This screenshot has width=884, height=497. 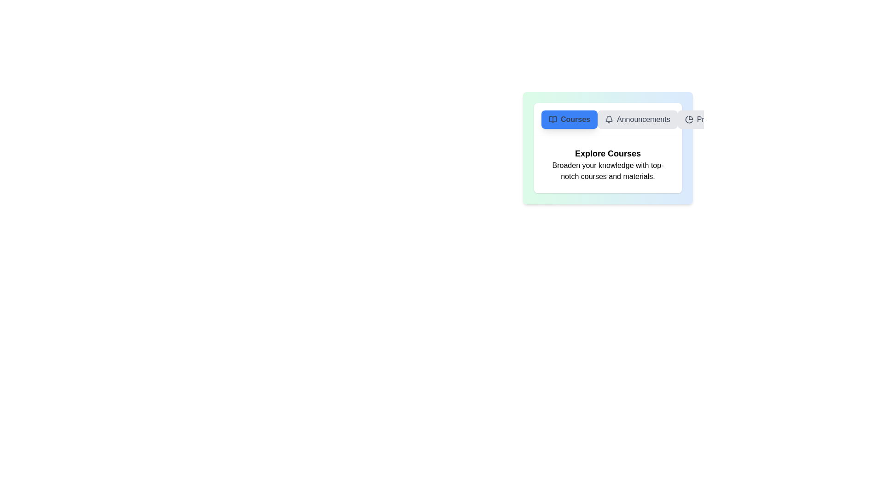 I want to click on the non-interactive Text block that introduces educational materials, positioned centrally below the 'Courses' button and adjacent to other tabs, so click(x=608, y=164).